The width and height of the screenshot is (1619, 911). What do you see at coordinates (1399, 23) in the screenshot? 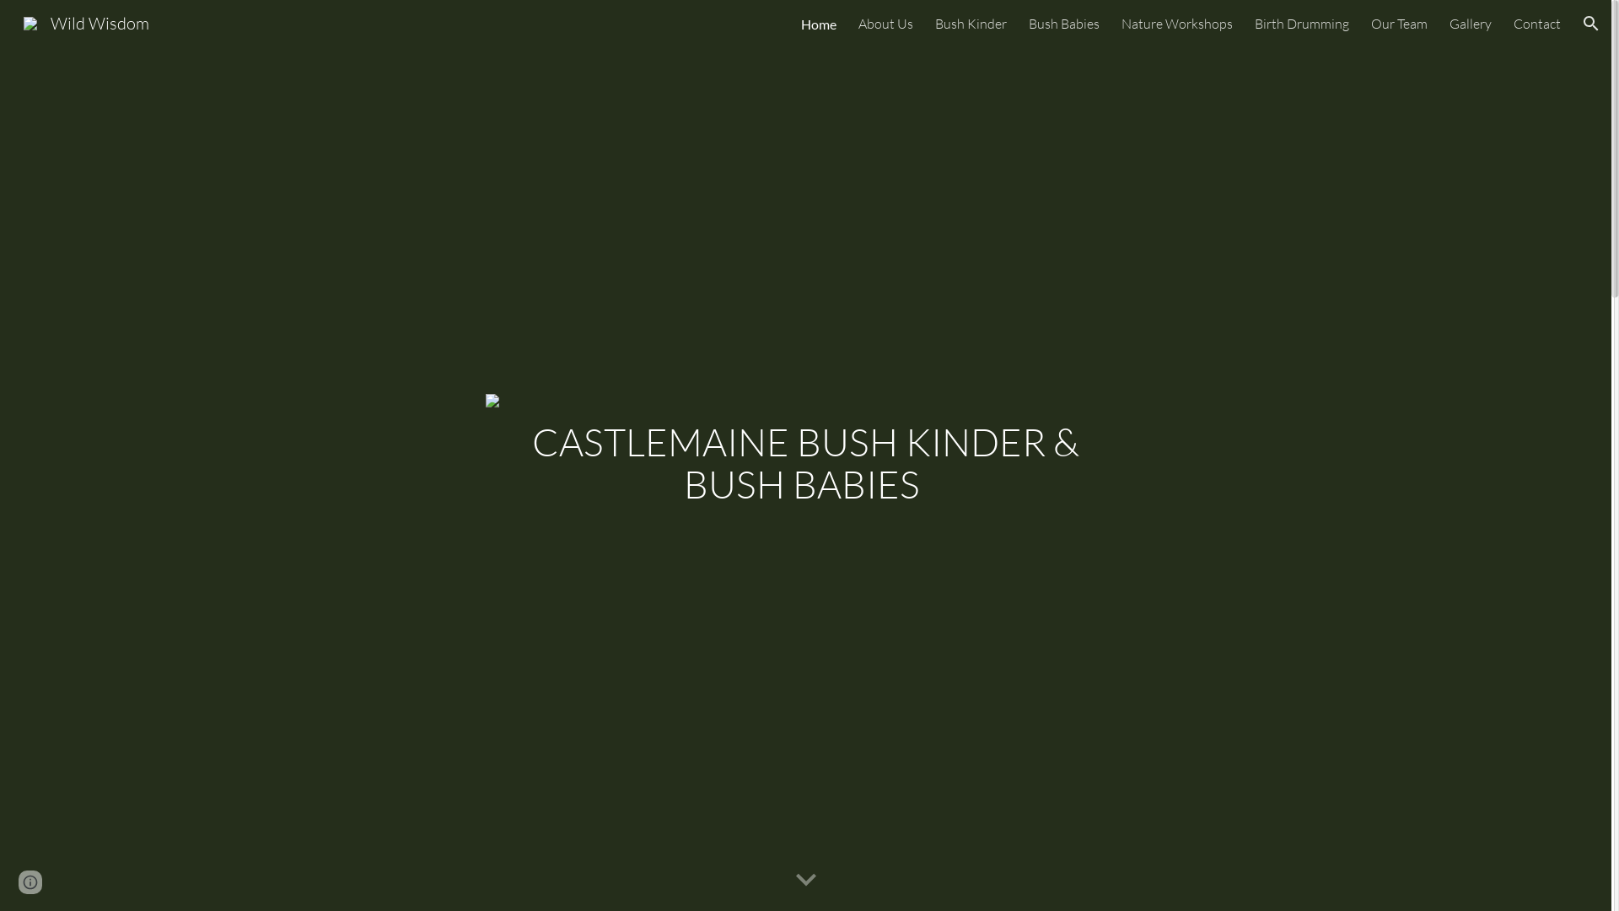
I see `'Our Team'` at bounding box center [1399, 23].